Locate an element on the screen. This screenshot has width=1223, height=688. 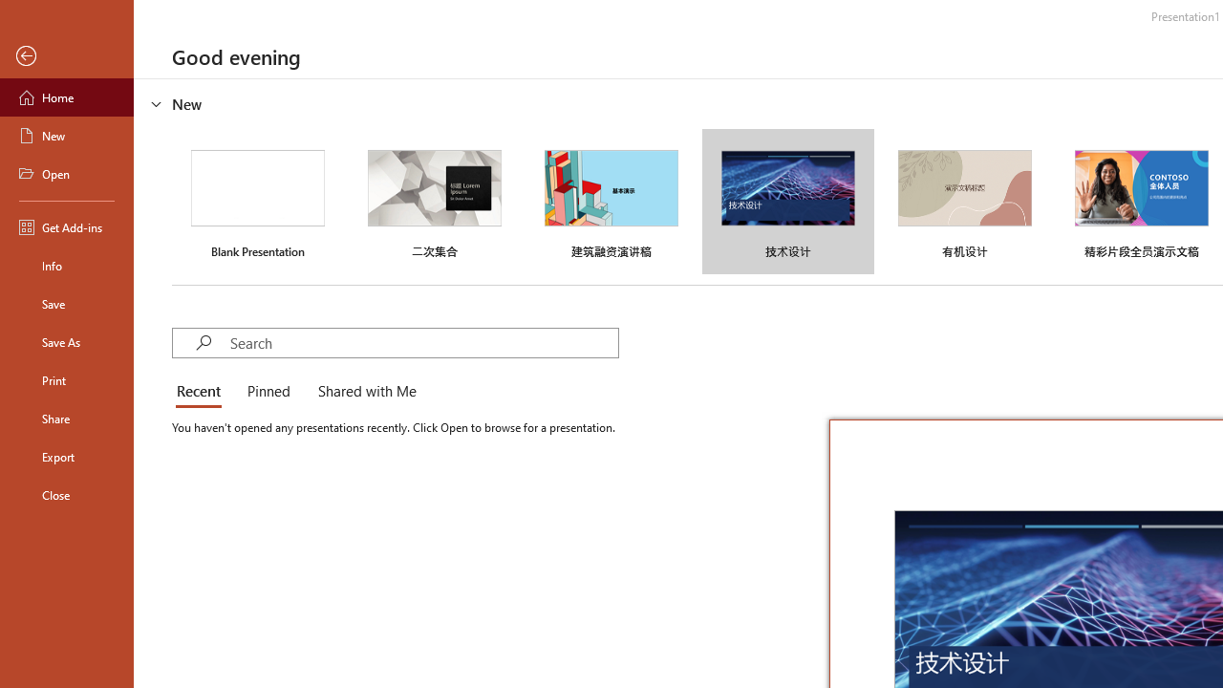
'Recent' is located at coordinates (203, 392).